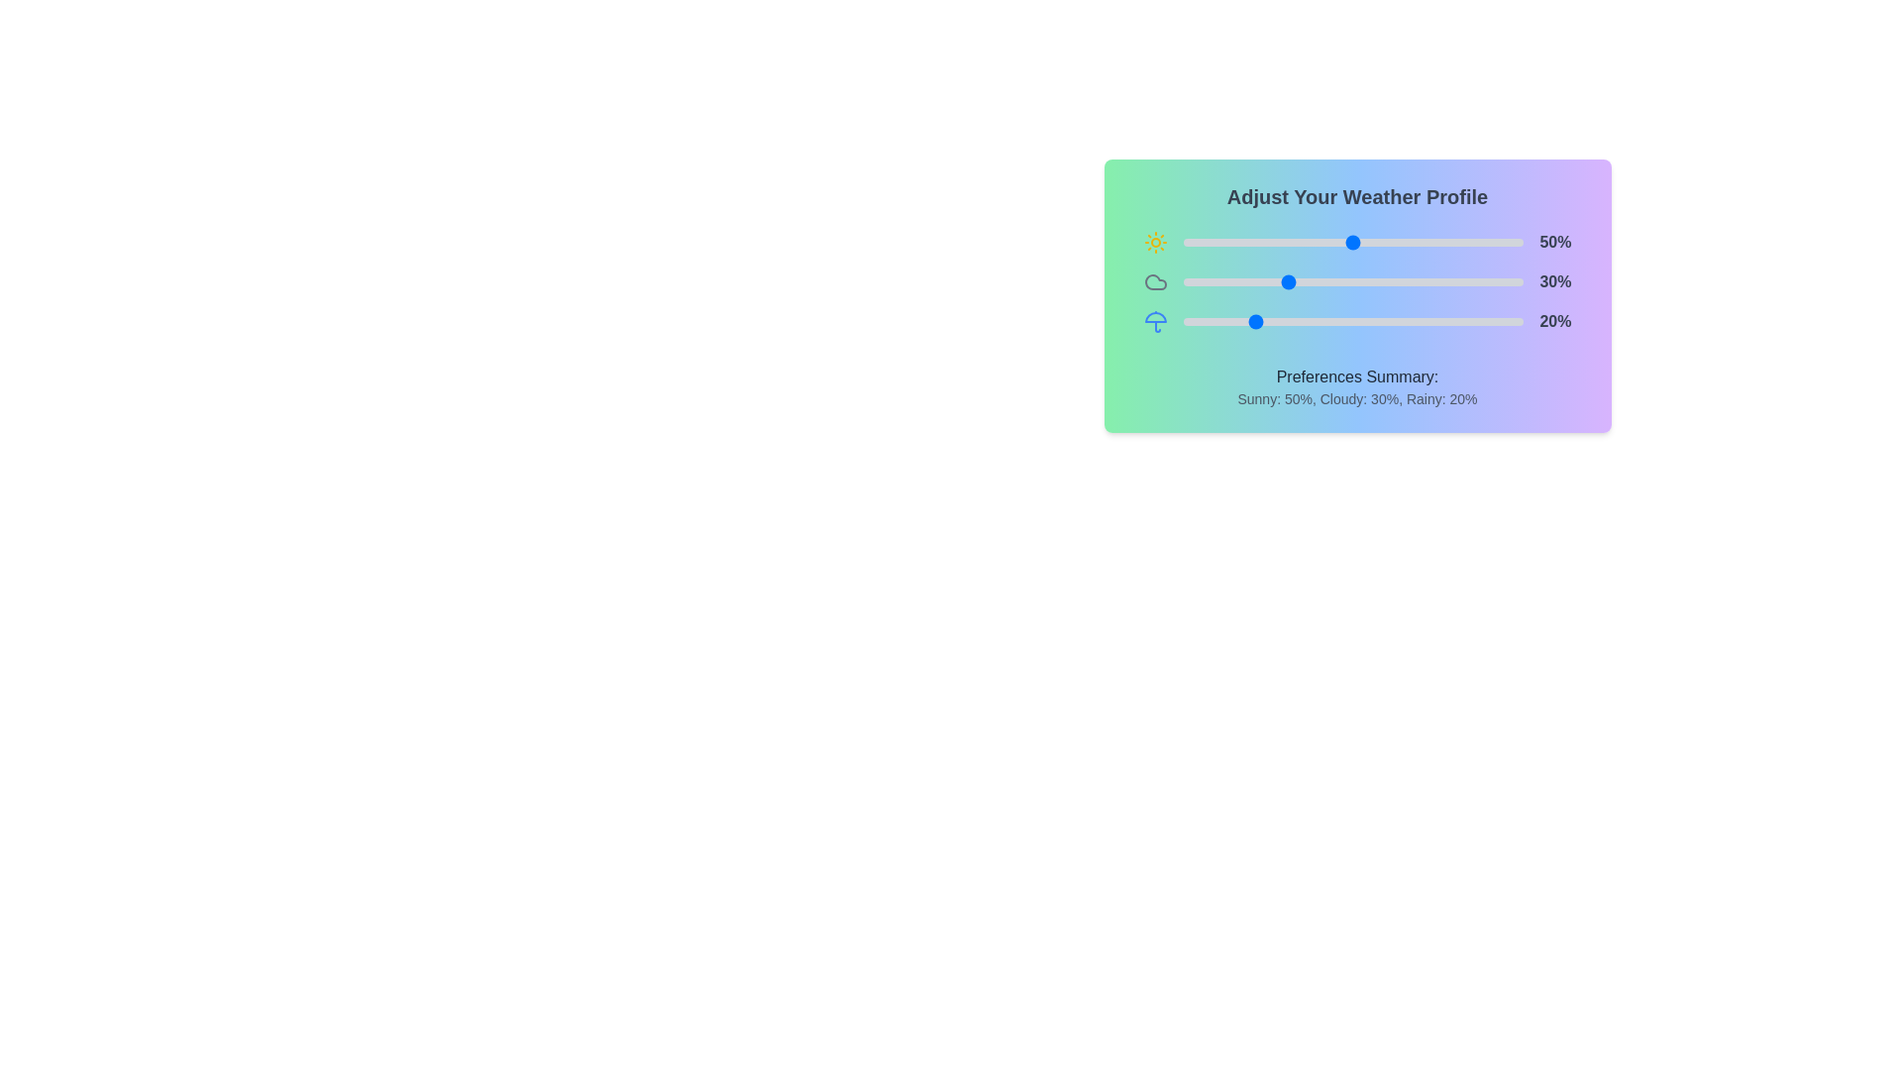 Image resolution: width=1902 pixels, height=1070 pixels. Describe the element at coordinates (1189, 320) in the screenshot. I see `the 'Rainy' slider to set its value to 2%` at that location.